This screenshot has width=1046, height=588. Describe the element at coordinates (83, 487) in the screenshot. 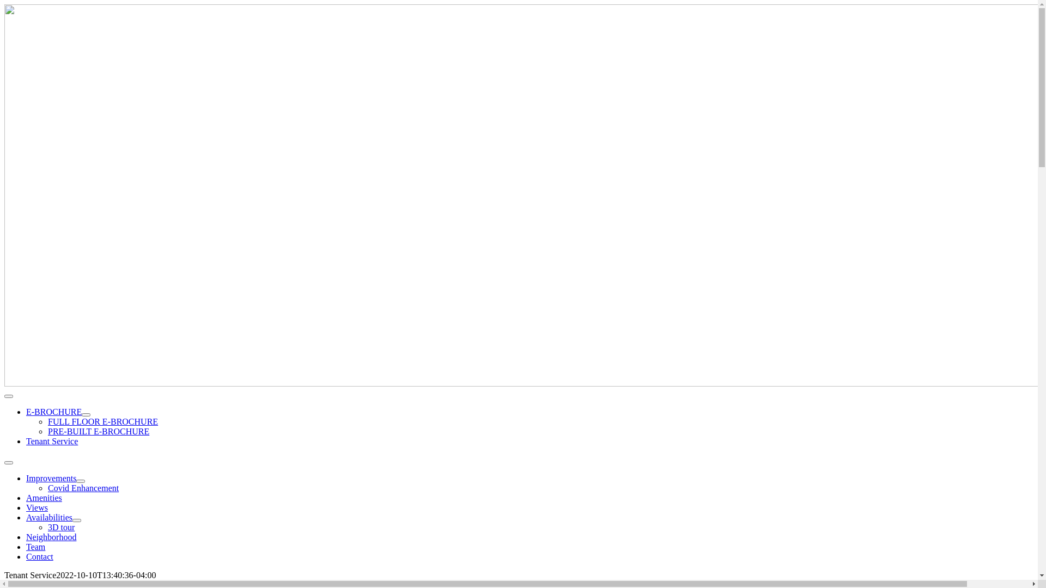

I see `'Covid Enhancement'` at that location.